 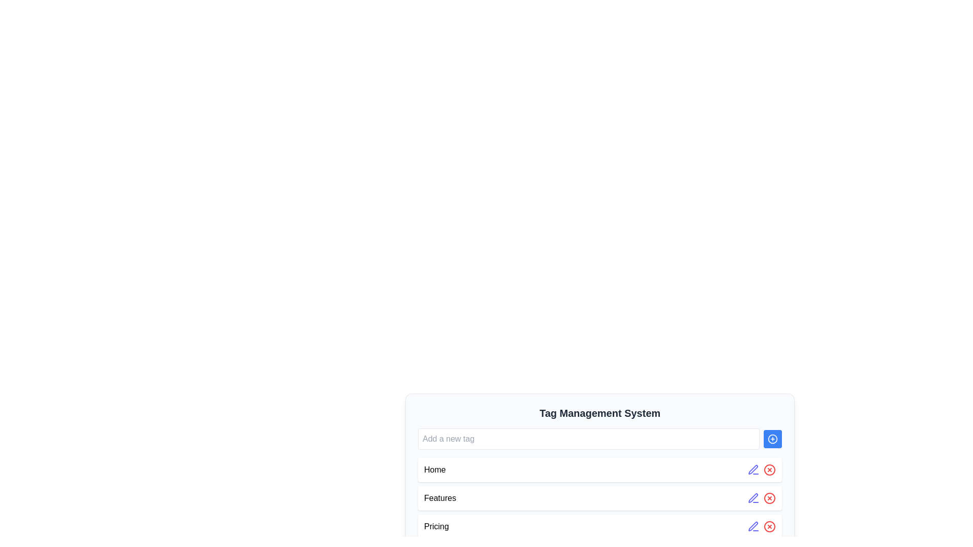 I want to click on the IconButton that allows users to edit the 'Features' entry, so click(x=754, y=526).